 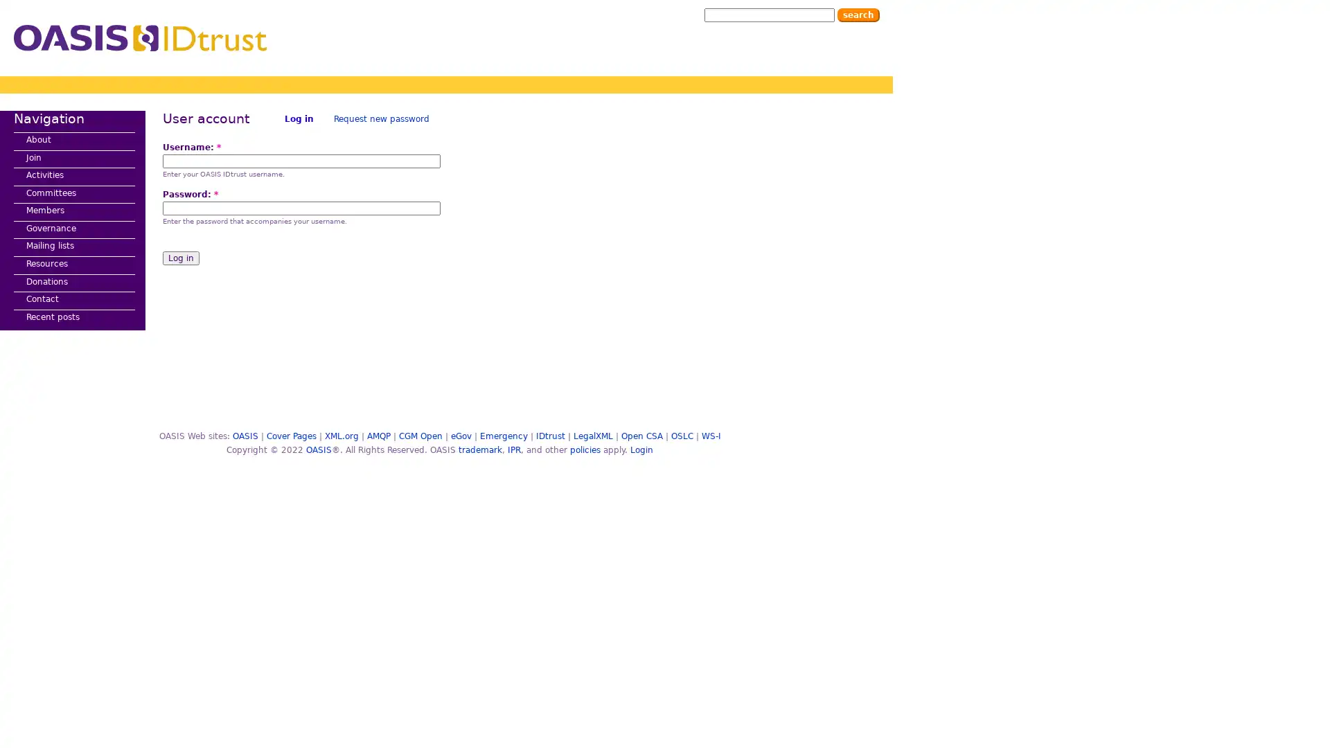 I want to click on Log in, so click(x=180, y=258).